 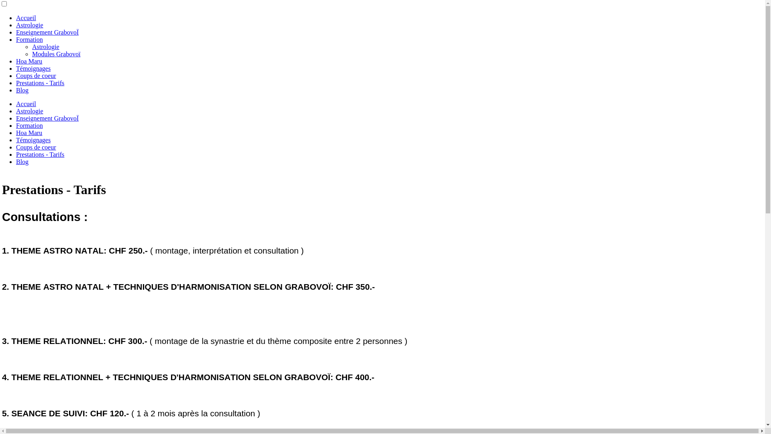 What do you see at coordinates (29, 111) in the screenshot?
I see `'Astrologie'` at bounding box center [29, 111].